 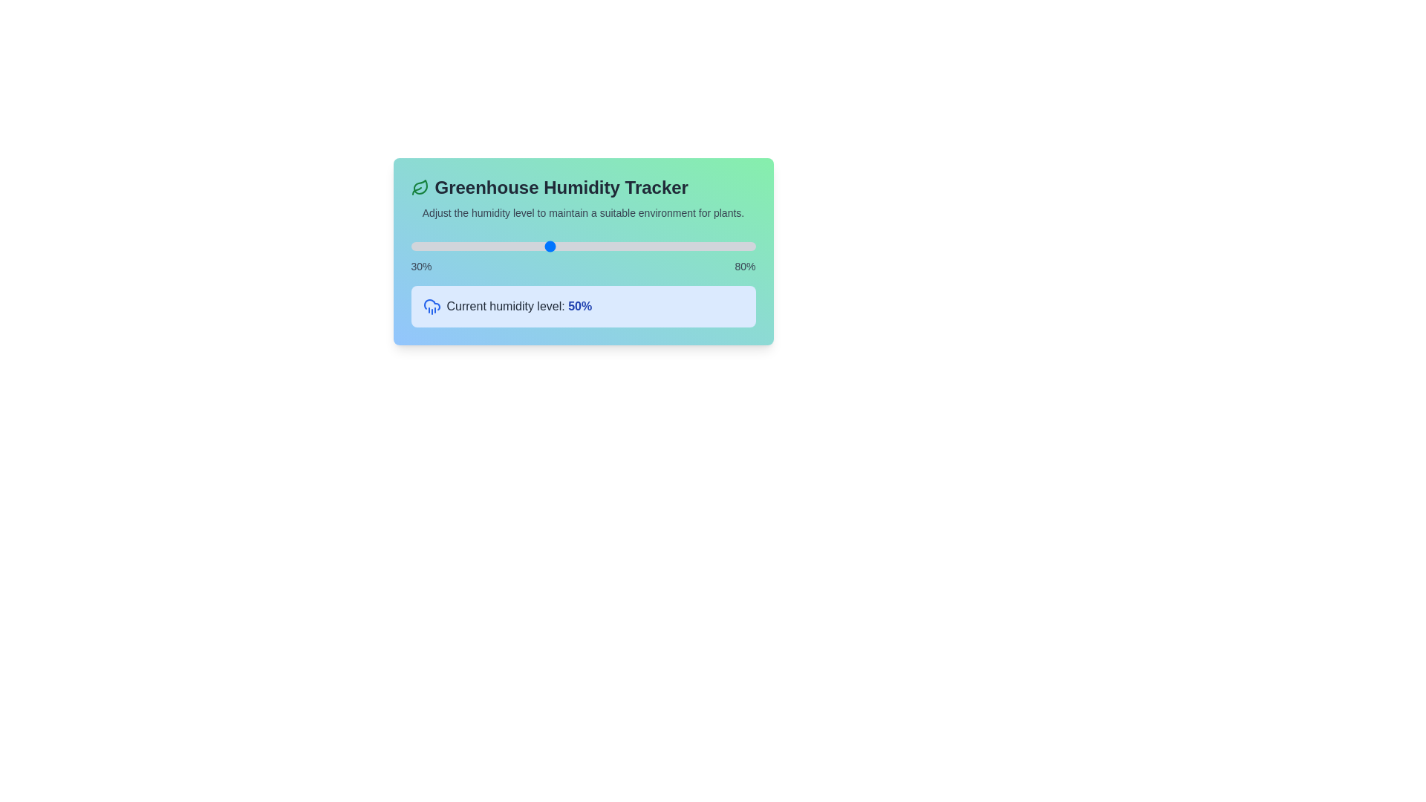 I want to click on the humidity level to 34% using the slider, so click(x=437, y=245).